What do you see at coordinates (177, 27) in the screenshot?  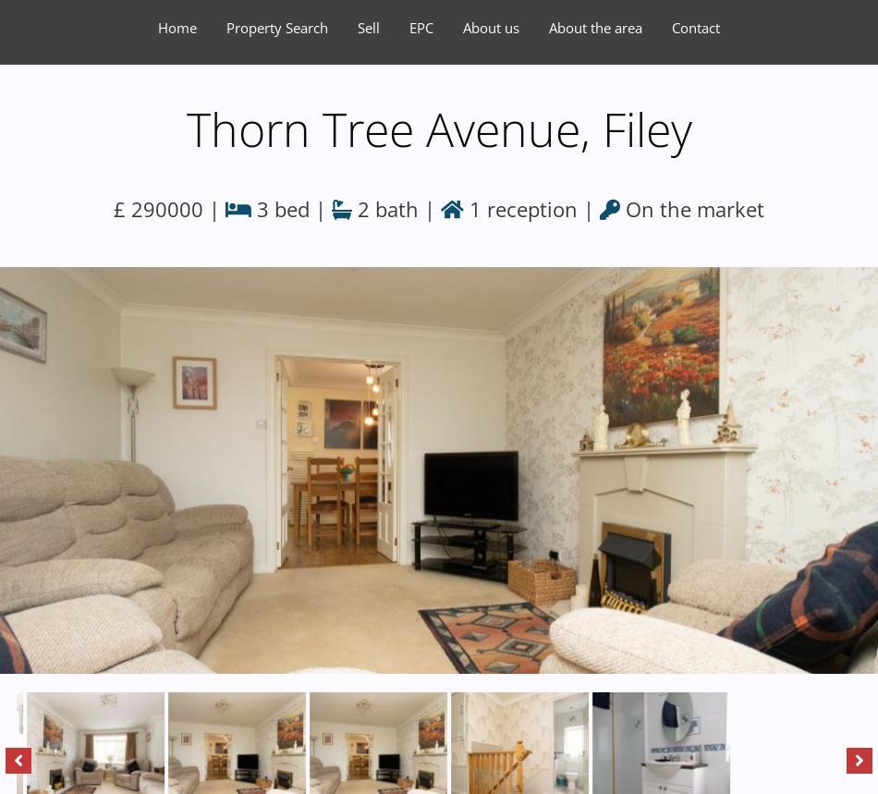 I see `'Home'` at bounding box center [177, 27].